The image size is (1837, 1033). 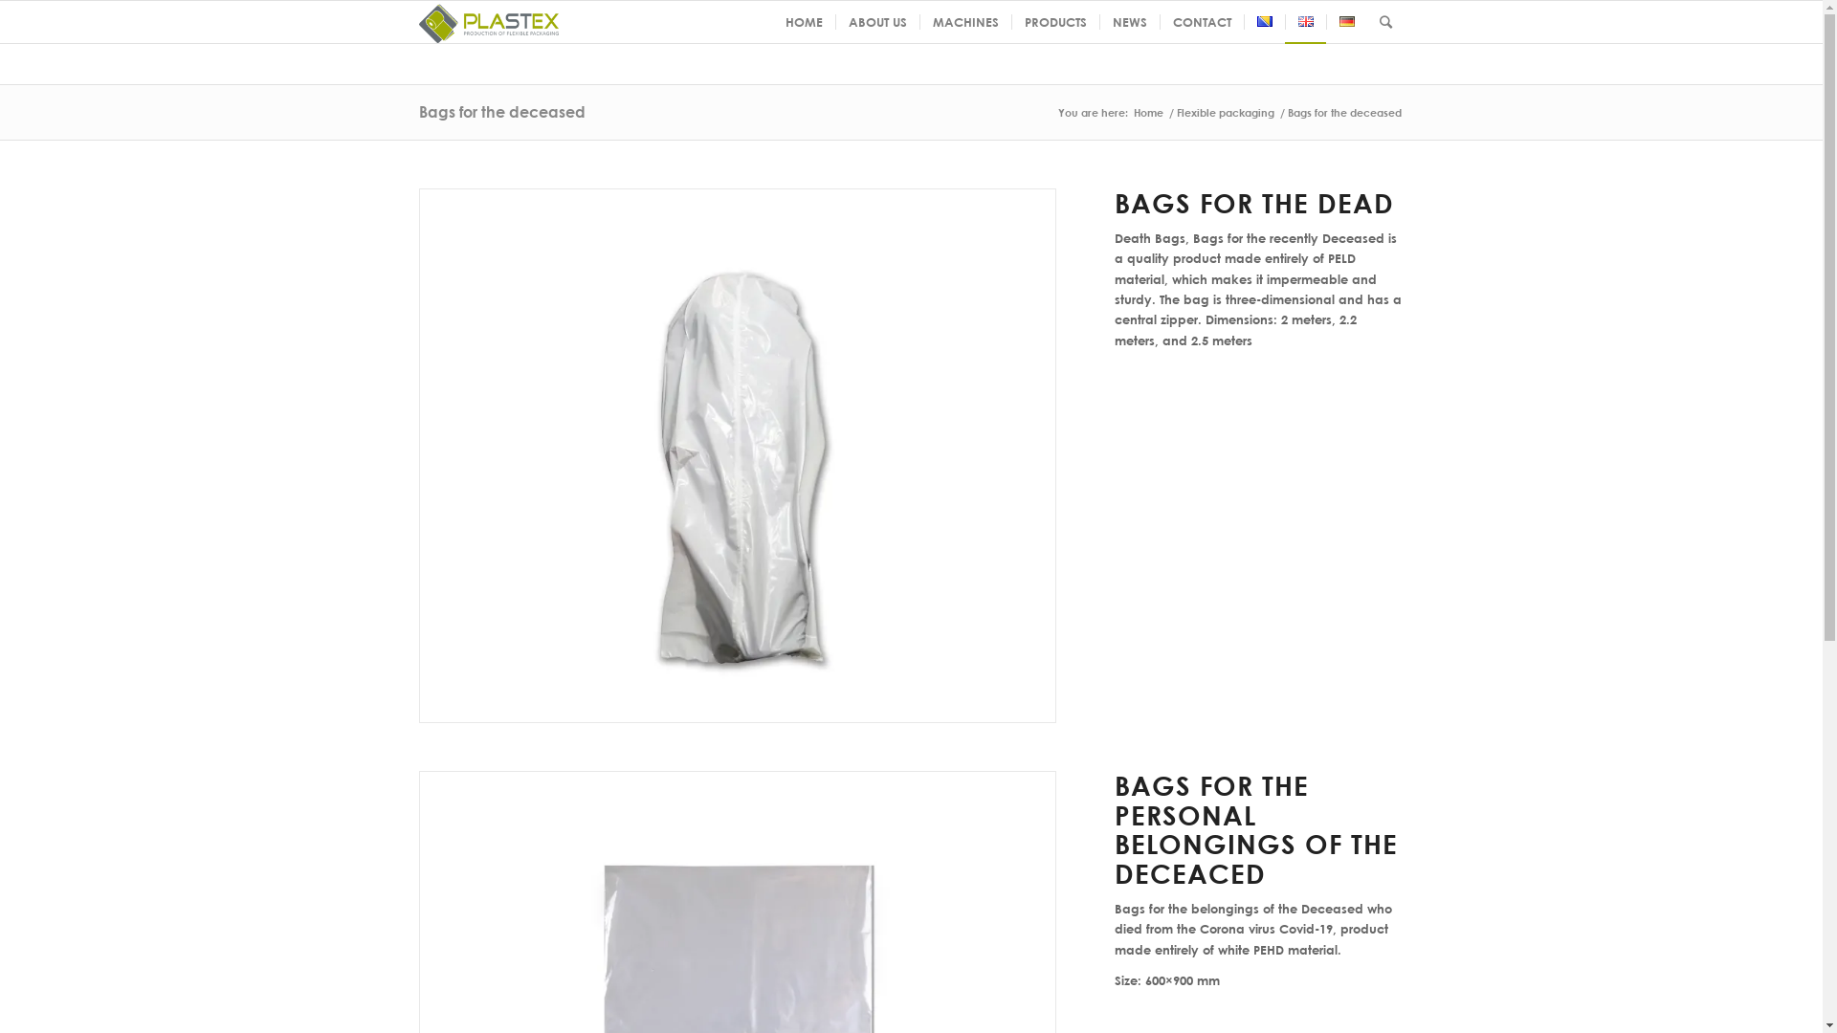 I want to click on 'ABOUT US', so click(x=834, y=22).